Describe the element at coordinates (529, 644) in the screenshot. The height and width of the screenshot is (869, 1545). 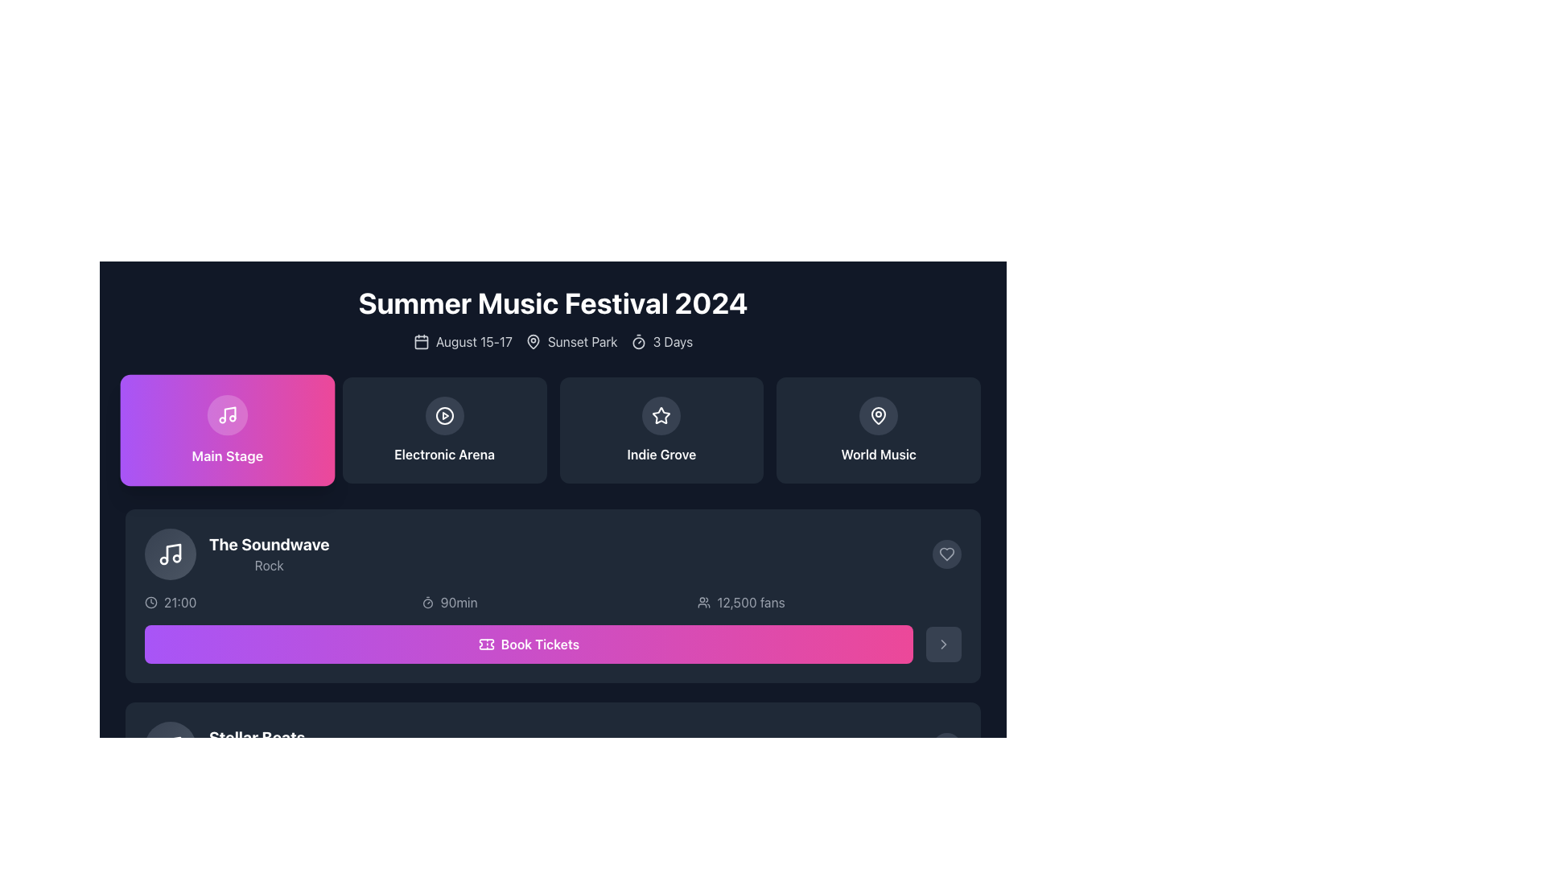
I see `the wide button with a gradient background transitioning between purple and pink that contains the white text 'Book Tickets' to book tickets` at that location.